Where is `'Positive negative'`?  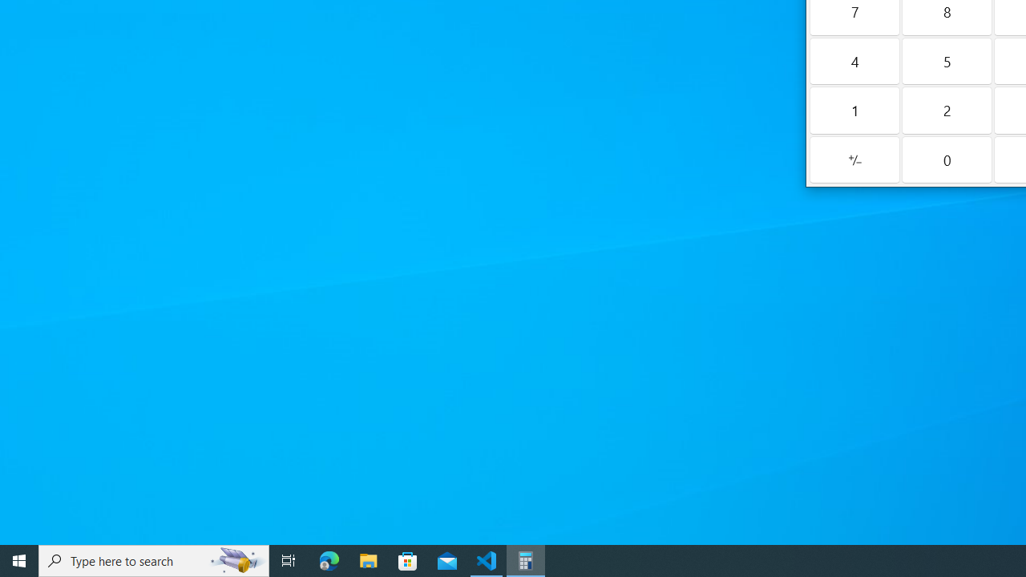
'Positive negative' is located at coordinates (854, 159).